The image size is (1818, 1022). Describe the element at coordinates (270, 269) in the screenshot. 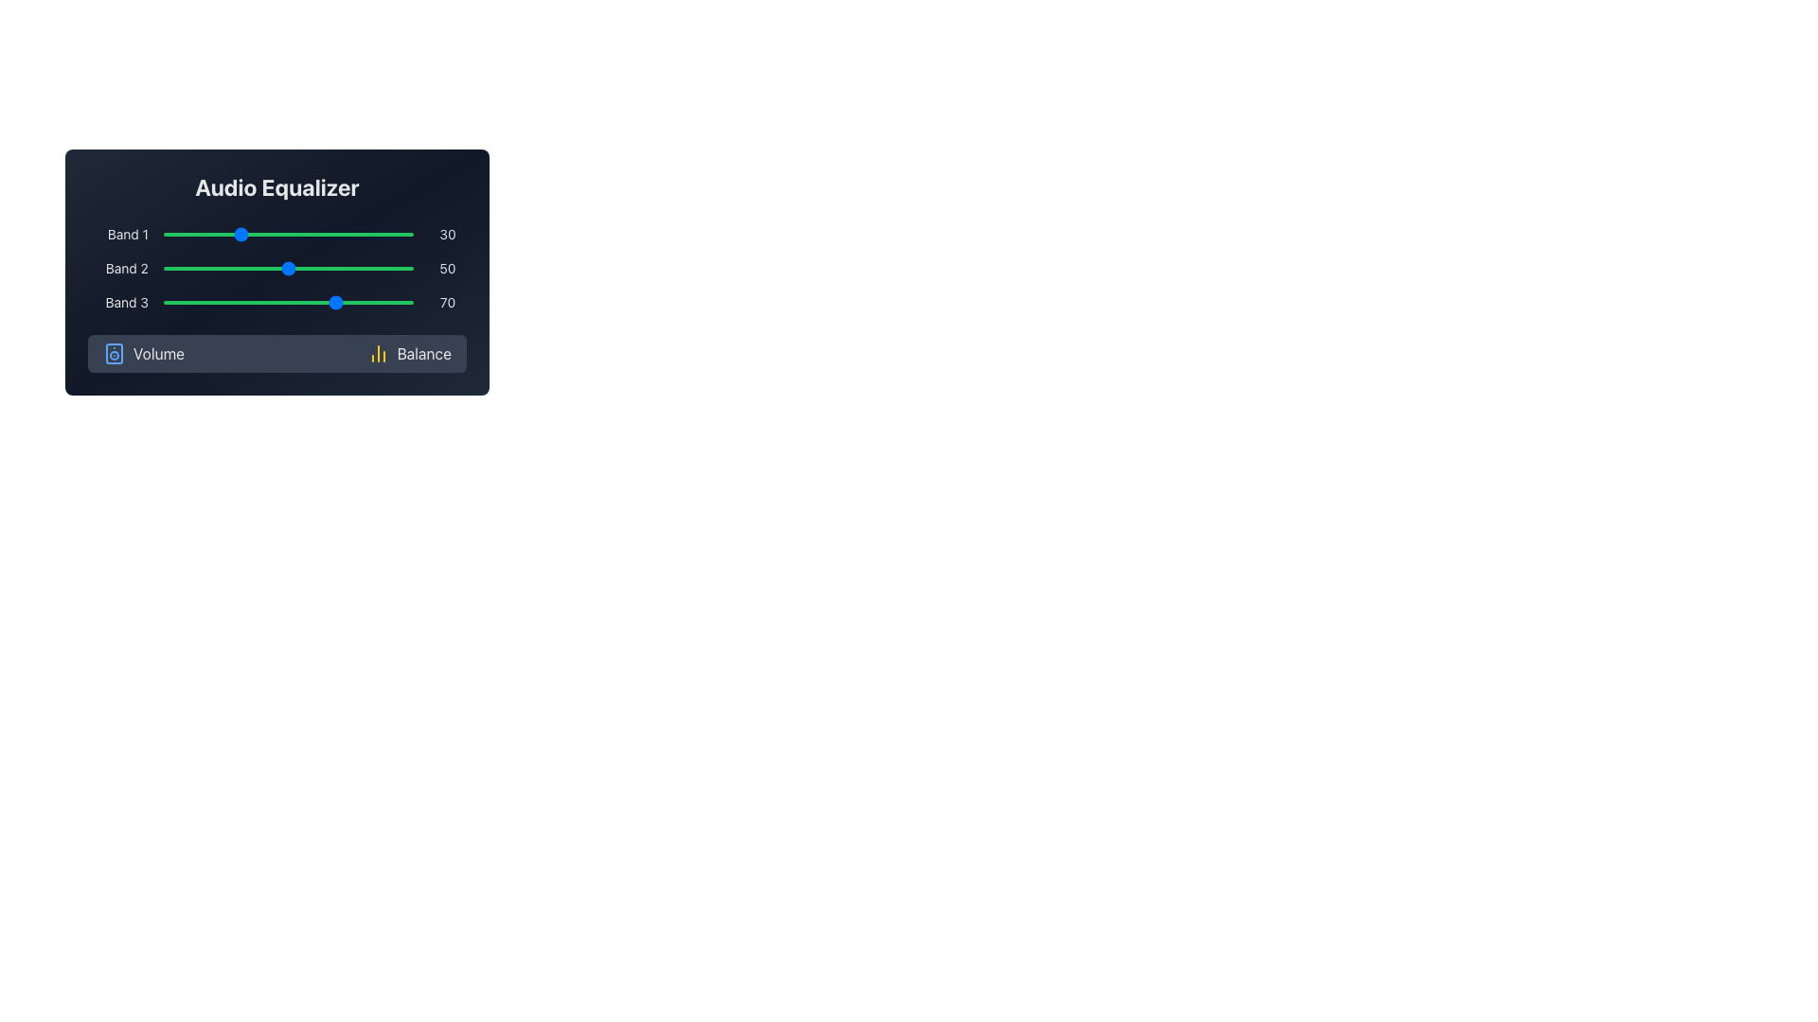

I see `the frequency slider` at that location.